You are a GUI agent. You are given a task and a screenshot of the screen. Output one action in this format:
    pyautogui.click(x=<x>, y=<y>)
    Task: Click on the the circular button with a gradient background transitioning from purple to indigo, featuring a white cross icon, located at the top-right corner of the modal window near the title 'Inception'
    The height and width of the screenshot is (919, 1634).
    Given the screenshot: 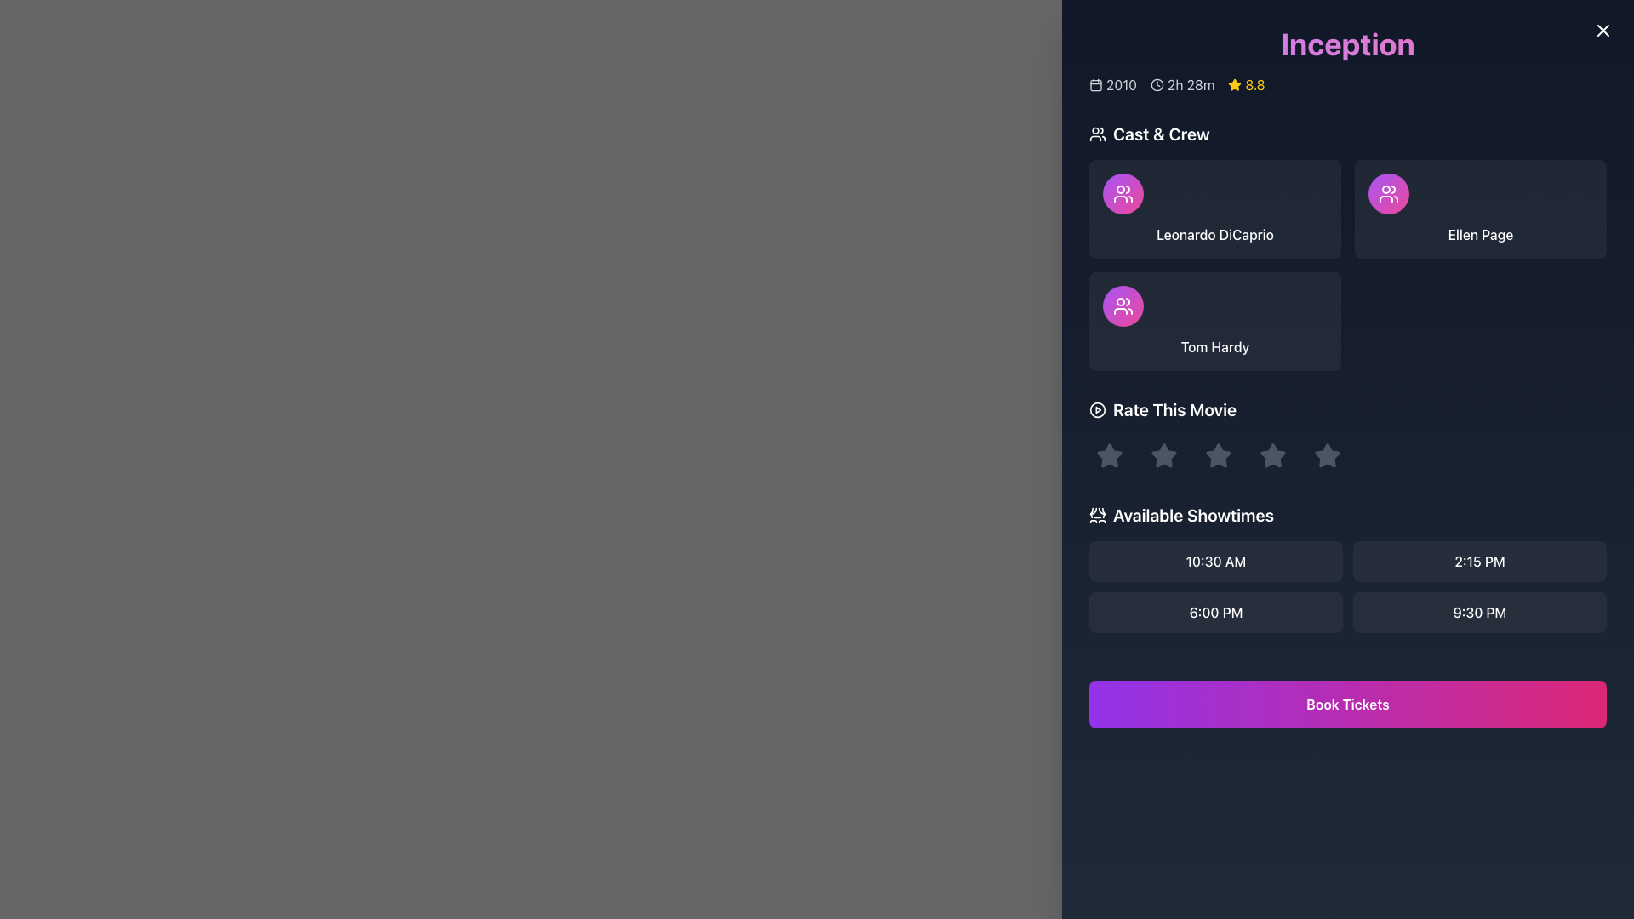 What is the action you would take?
    pyautogui.click(x=1599, y=33)
    